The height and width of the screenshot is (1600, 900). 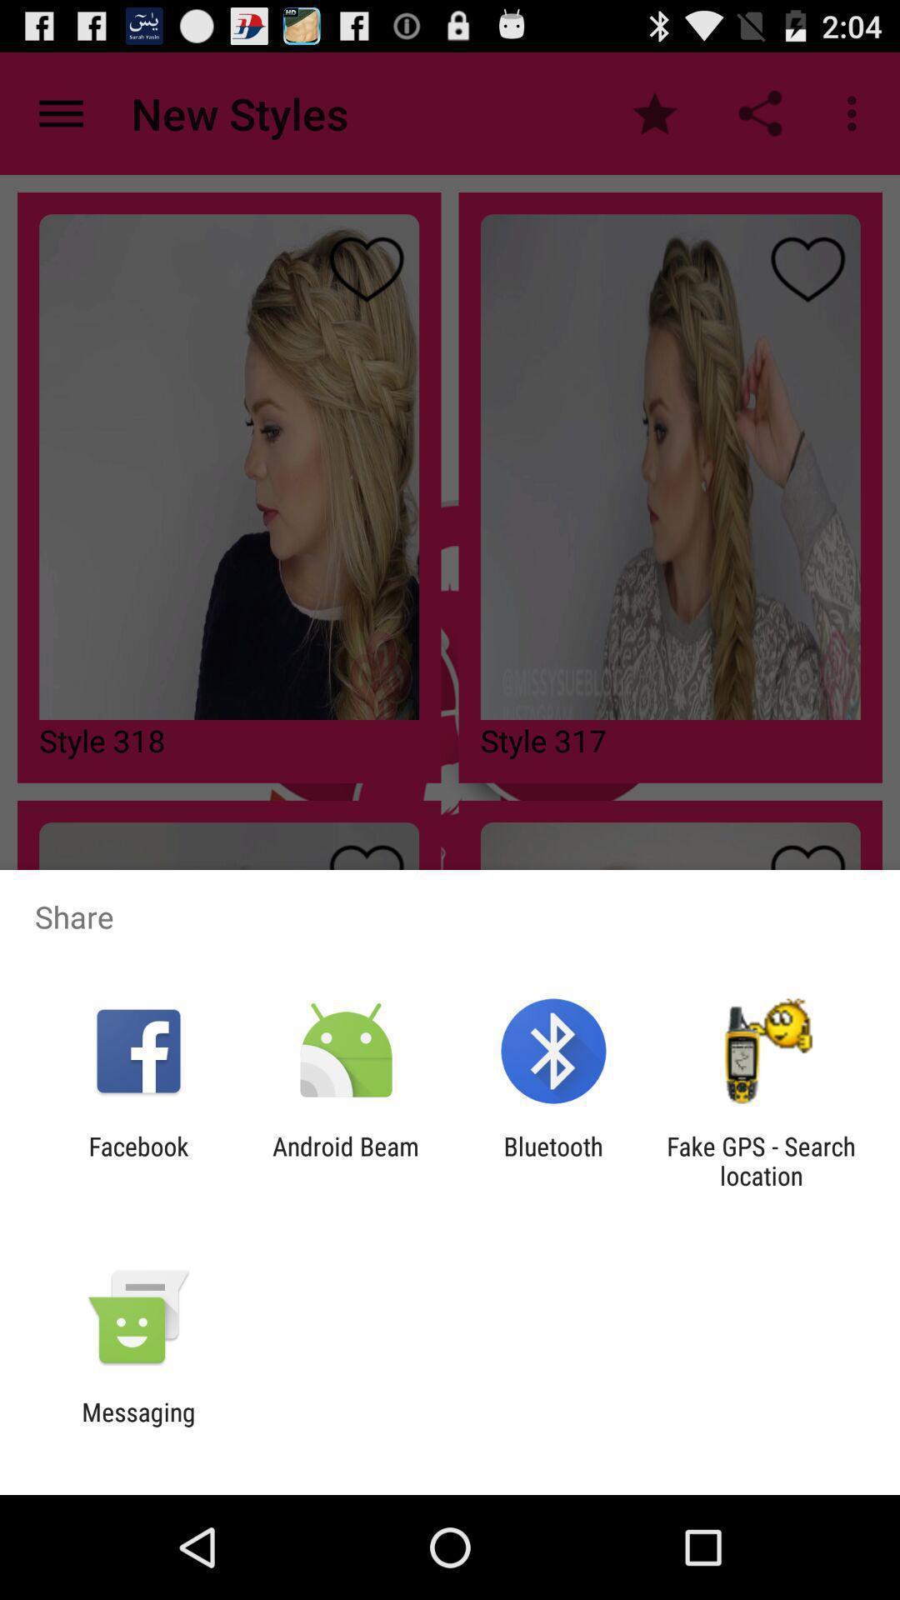 I want to click on facebook icon, so click(x=137, y=1160).